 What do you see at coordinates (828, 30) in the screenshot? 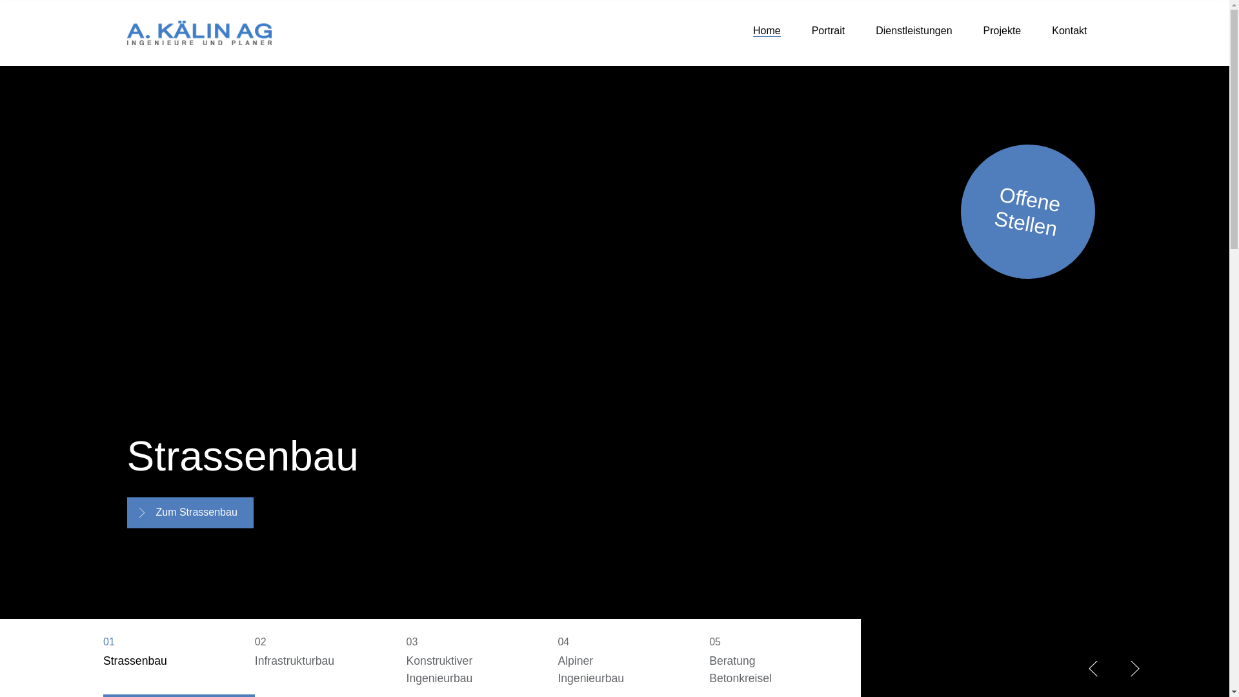
I see `'Portrait'` at bounding box center [828, 30].